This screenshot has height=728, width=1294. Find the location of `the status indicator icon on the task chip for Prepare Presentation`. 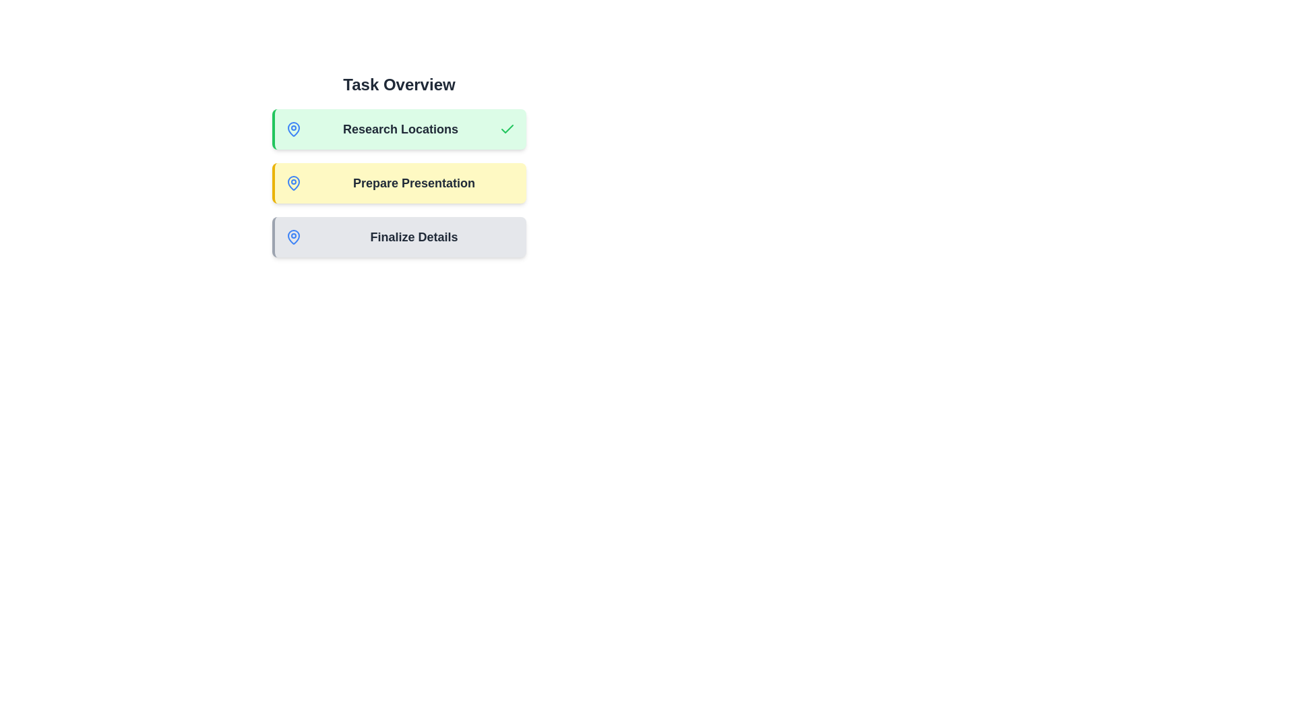

the status indicator icon on the task chip for Prepare Presentation is located at coordinates (293, 183).